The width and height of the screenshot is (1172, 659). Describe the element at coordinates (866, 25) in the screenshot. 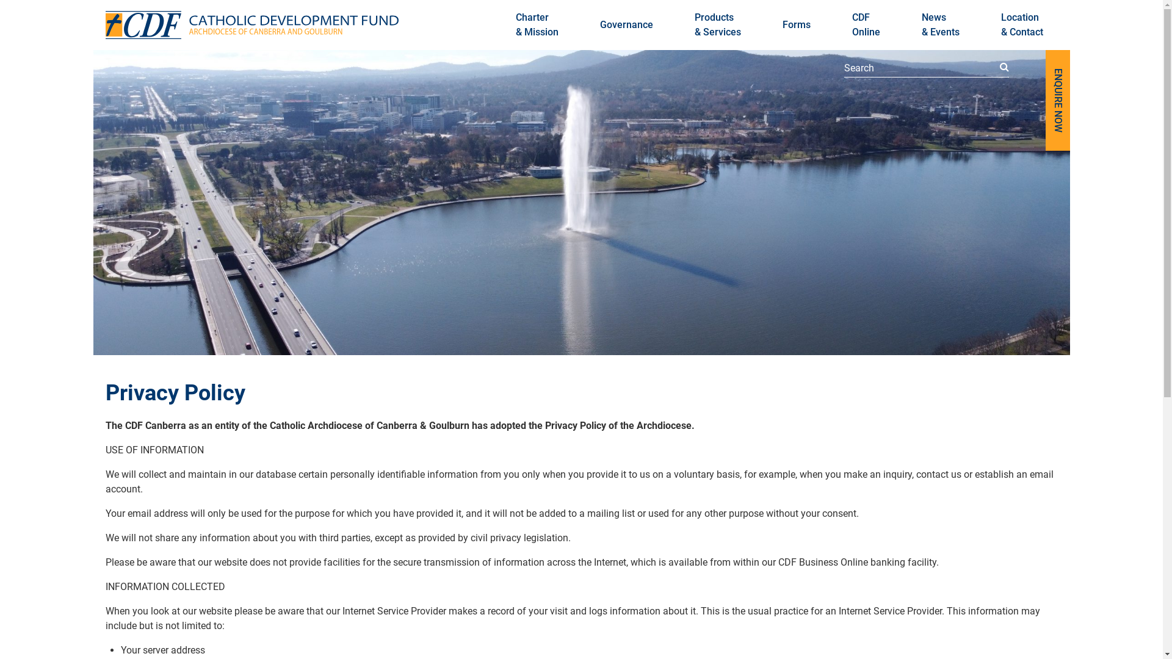

I see `'CDF` at that location.